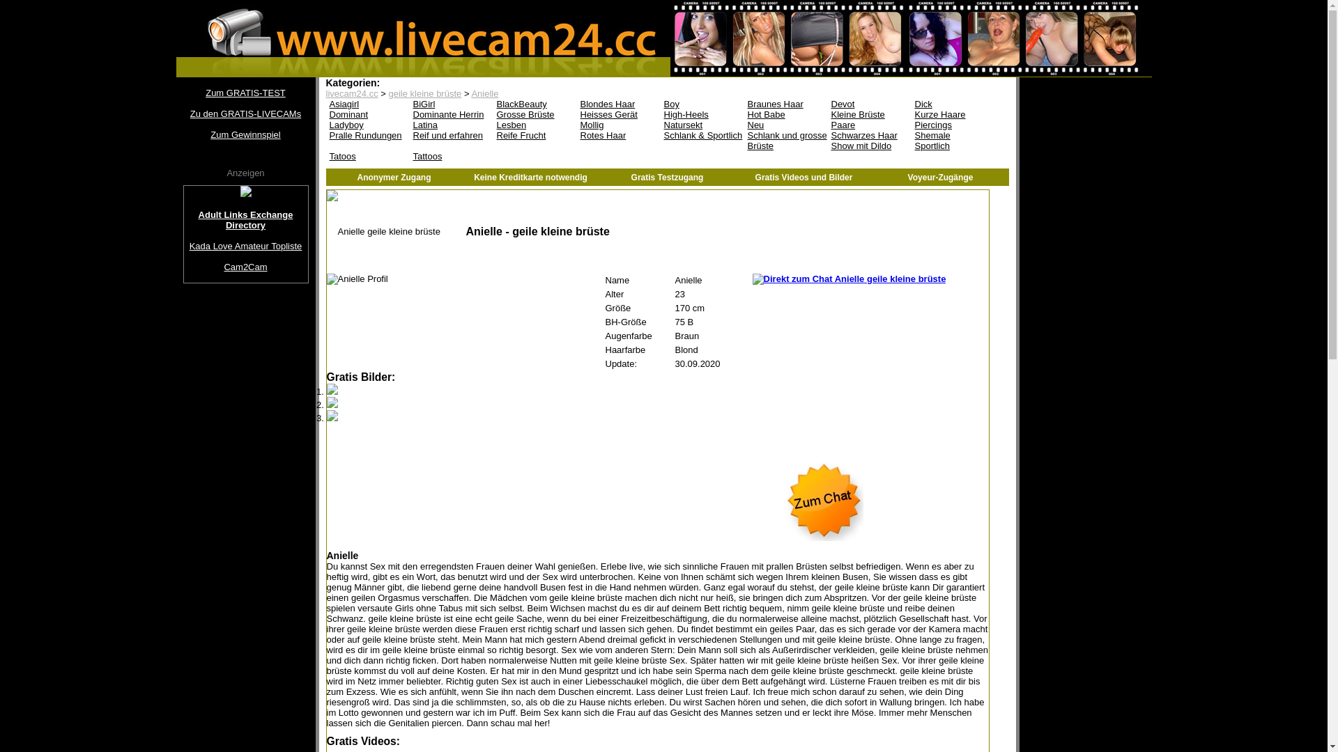 This screenshot has width=1338, height=752. What do you see at coordinates (869, 103) in the screenshot?
I see `'Devot'` at bounding box center [869, 103].